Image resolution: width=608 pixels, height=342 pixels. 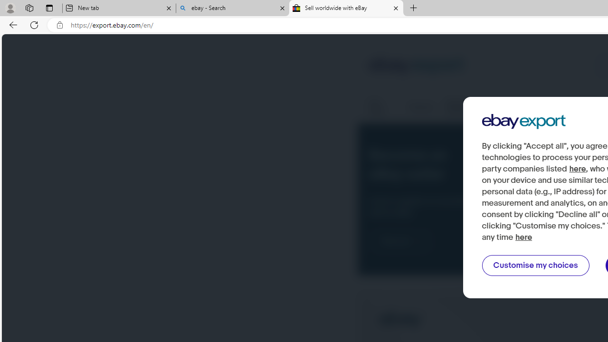 I want to click on 'Ebay Export', so click(x=523, y=121).